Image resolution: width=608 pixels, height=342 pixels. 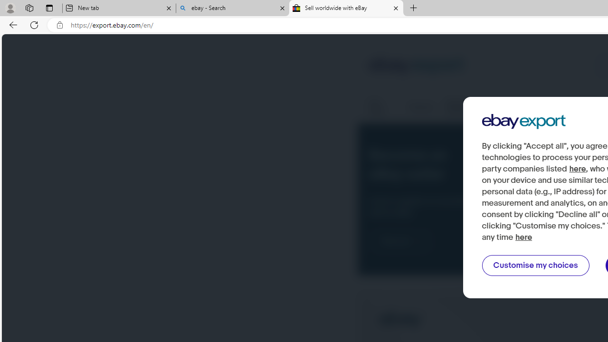 I want to click on 'Ebay Export', so click(x=523, y=121).